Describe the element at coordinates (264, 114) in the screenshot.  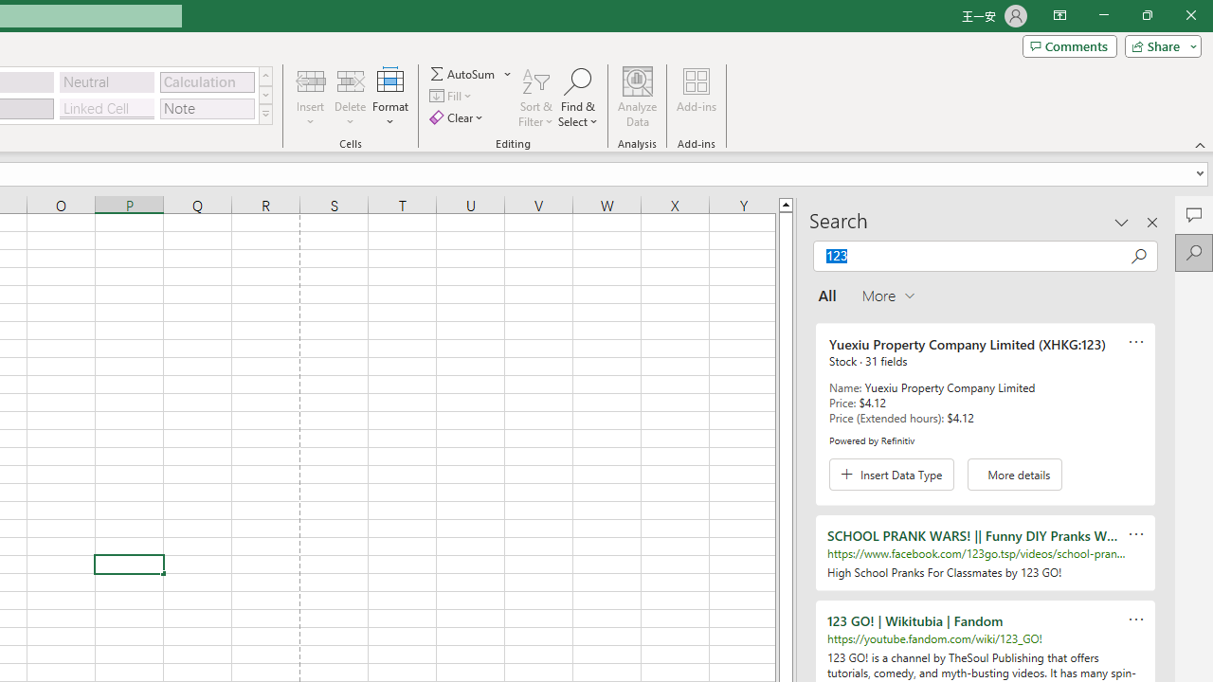
I see `'Class: NetUIImage'` at that location.